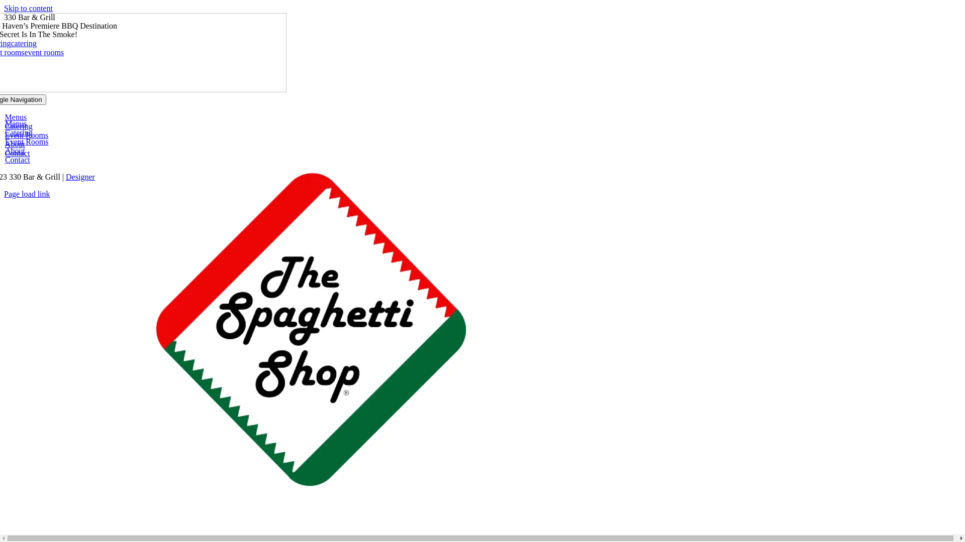 Image resolution: width=965 pixels, height=542 pixels. I want to click on 'Skip to content', so click(28, 8).